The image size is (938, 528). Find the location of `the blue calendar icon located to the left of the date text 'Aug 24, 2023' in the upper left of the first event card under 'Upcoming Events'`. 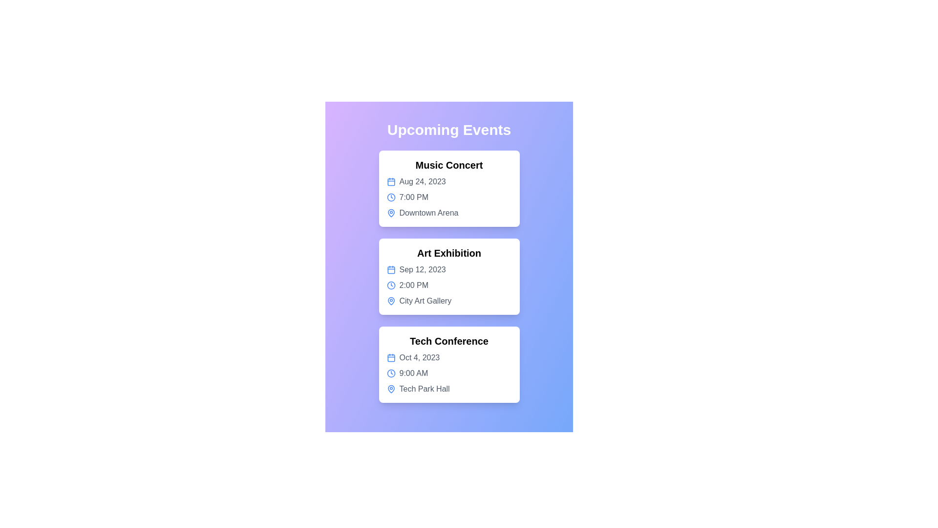

the blue calendar icon located to the left of the date text 'Aug 24, 2023' in the upper left of the first event card under 'Upcoming Events' is located at coordinates (391, 181).